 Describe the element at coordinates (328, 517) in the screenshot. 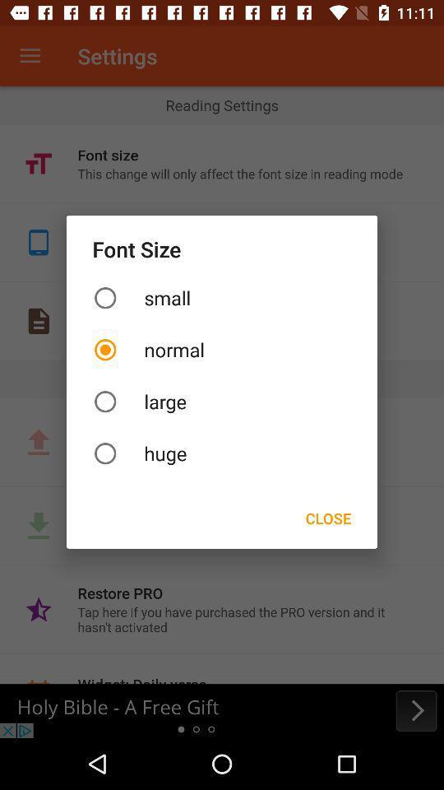

I see `close on the right` at that location.